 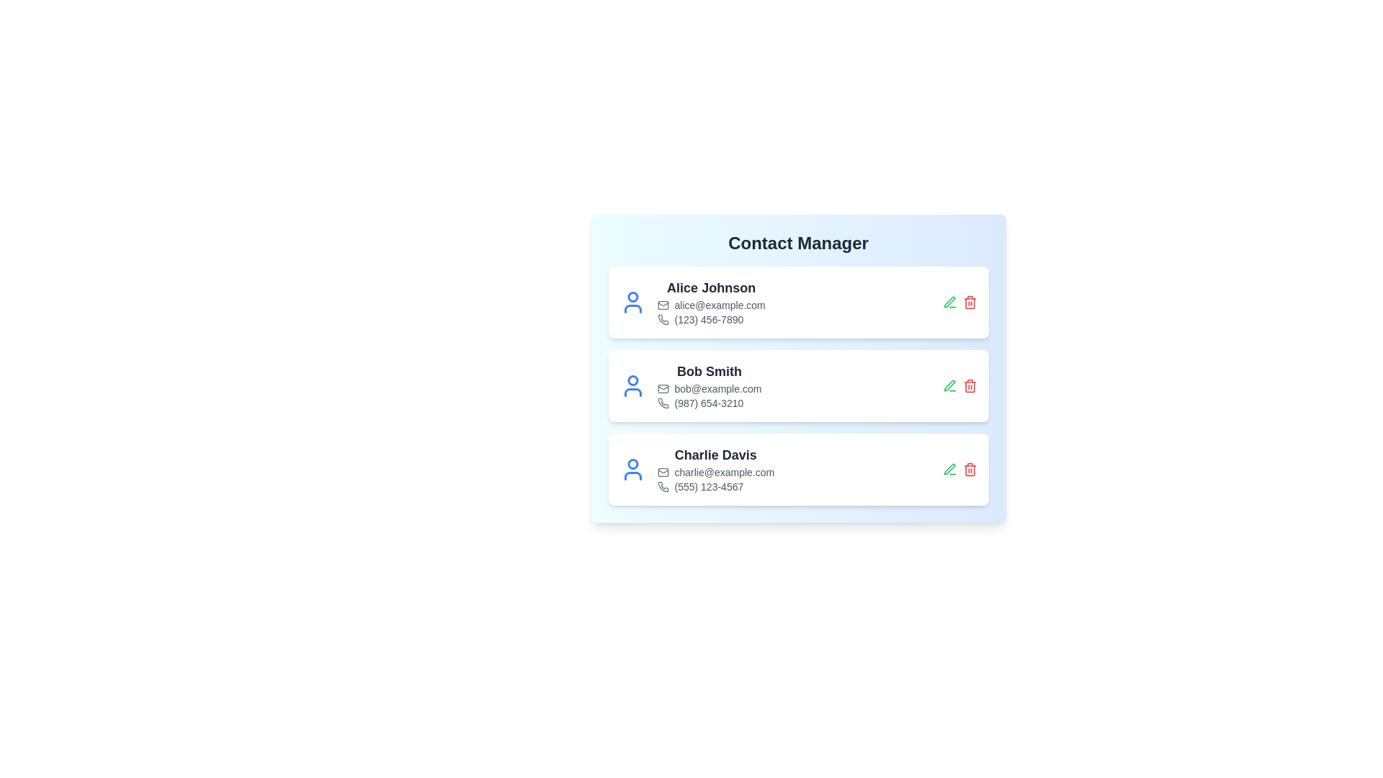 I want to click on the delete button for the contact identified by Charlie Davis, so click(x=970, y=469).